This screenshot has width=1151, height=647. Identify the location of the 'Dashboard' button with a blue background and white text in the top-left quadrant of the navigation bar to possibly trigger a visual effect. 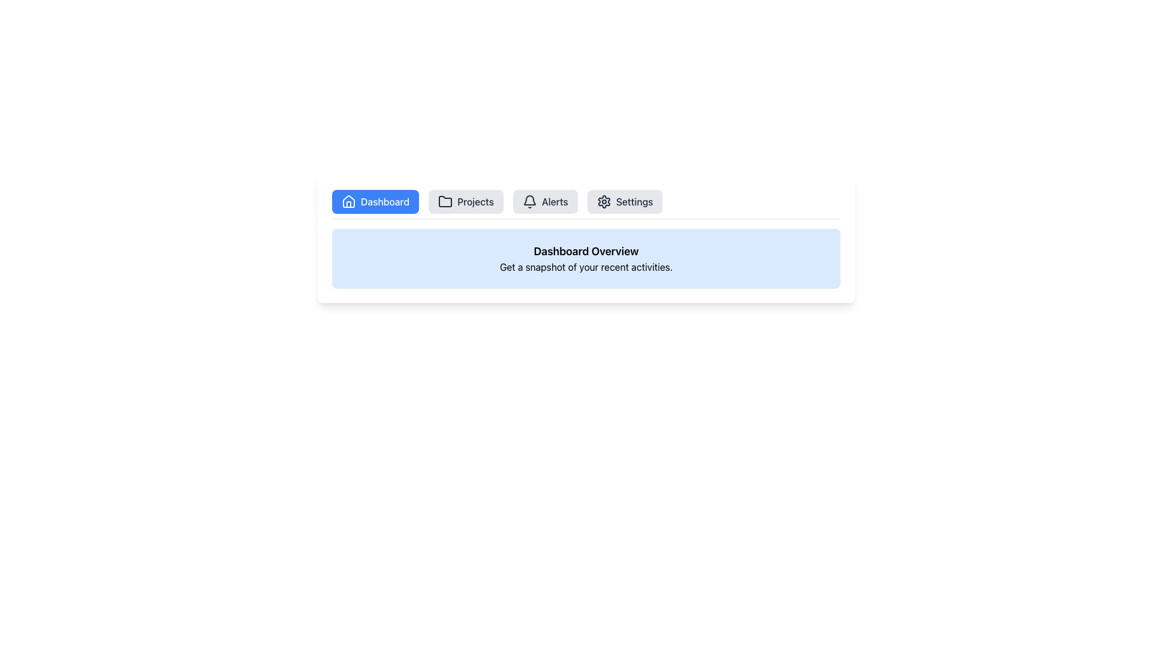
(375, 201).